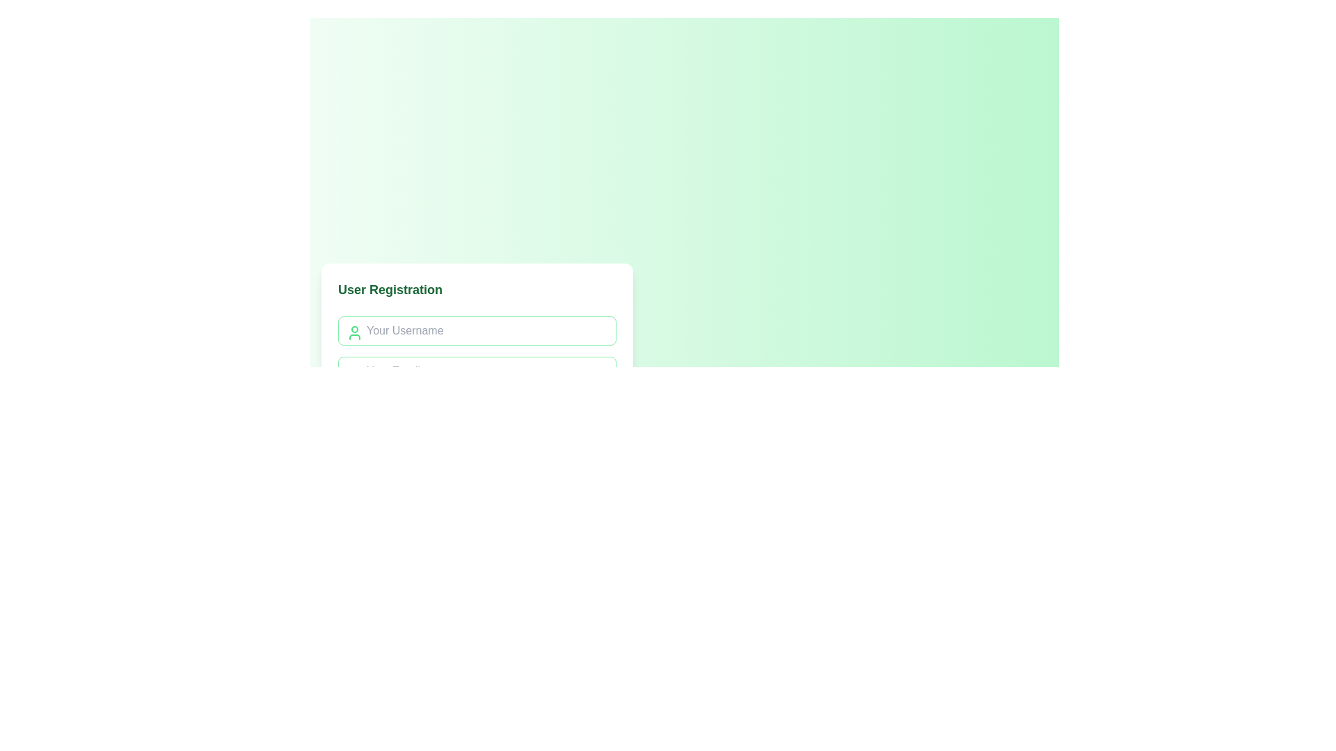 This screenshot has width=1336, height=751. I want to click on the icon located in the top-left corner of the username input field, which visually indicates the purpose of the field for entering user details, so click(354, 332).